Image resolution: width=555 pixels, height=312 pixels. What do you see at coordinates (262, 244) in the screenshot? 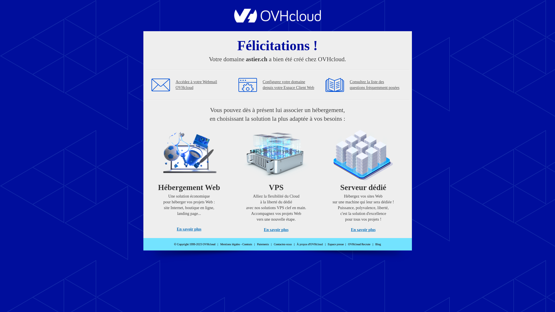
I see `'Paiements'` at bounding box center [262, 244].